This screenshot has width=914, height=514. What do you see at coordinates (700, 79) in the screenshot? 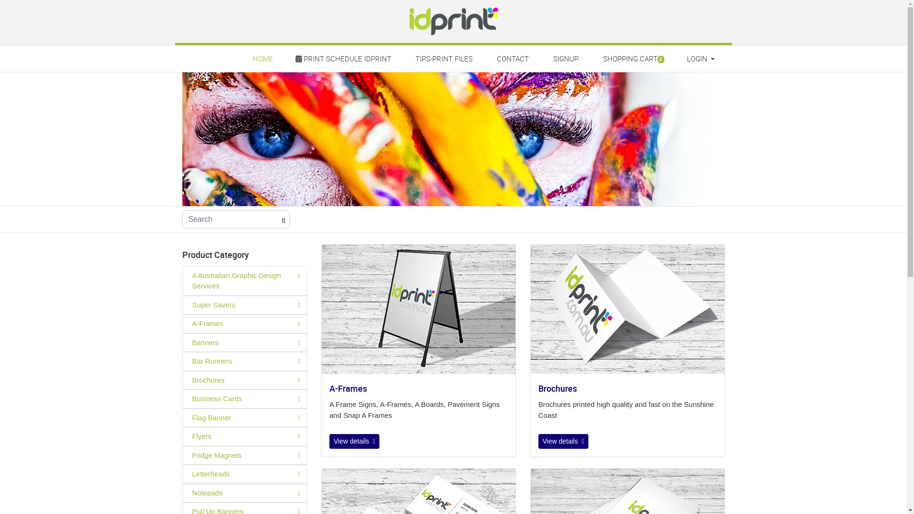
I see `'<i class='fal fa-unlock pr-1'></i> Login'` at bounding box center [700, 79].